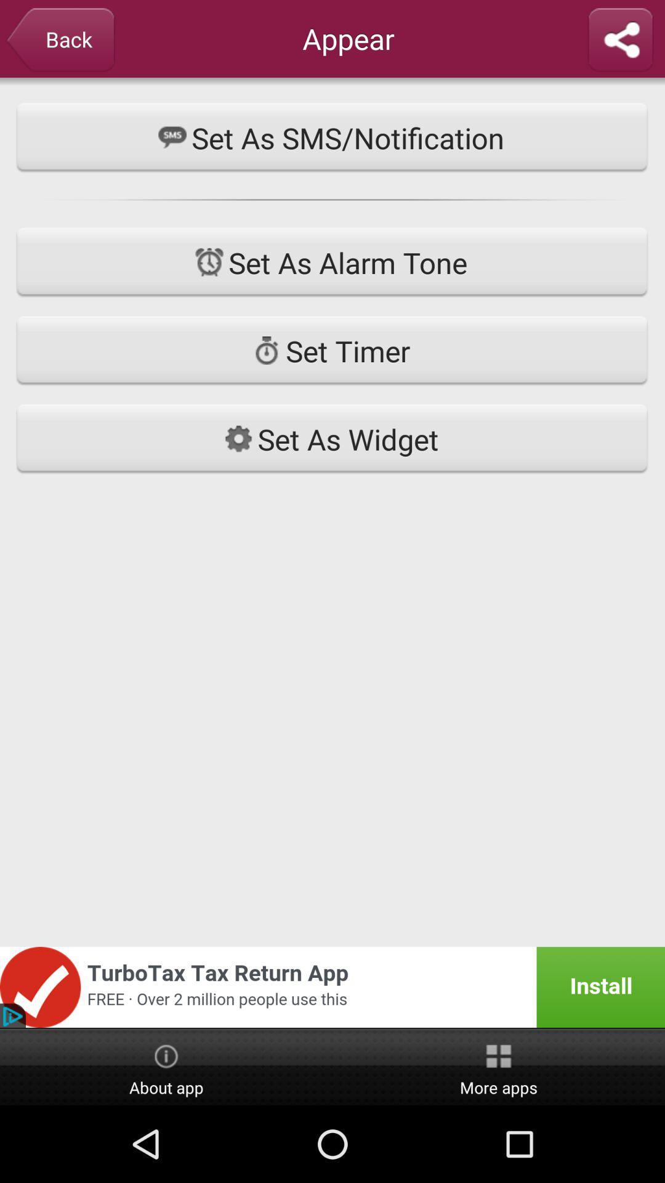 The width and height of the screenshot is (665, 1183). I want to click on share ringtone, so click(620, 41).